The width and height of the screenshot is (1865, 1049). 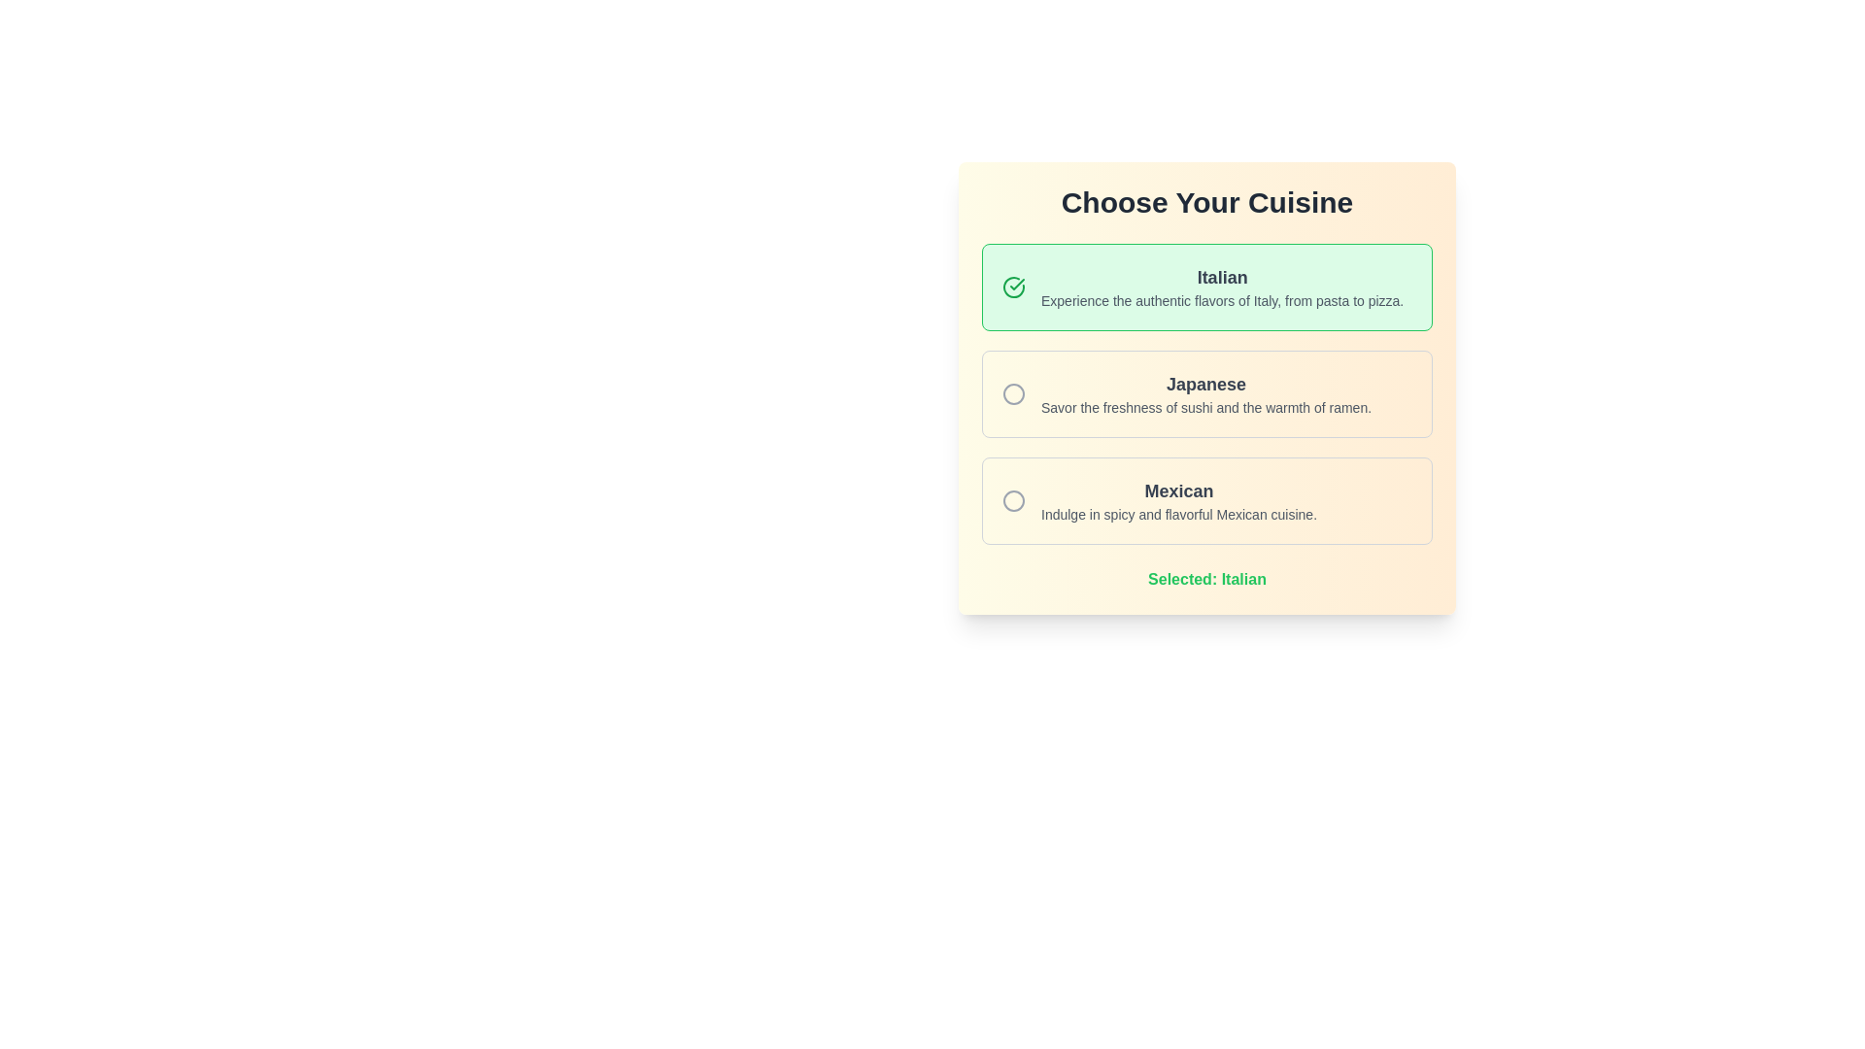 I want to click on bold, centered text label that displays 'Selected: Italian' in green color, indicating the user's current selection, so click(x=1206, y=579).